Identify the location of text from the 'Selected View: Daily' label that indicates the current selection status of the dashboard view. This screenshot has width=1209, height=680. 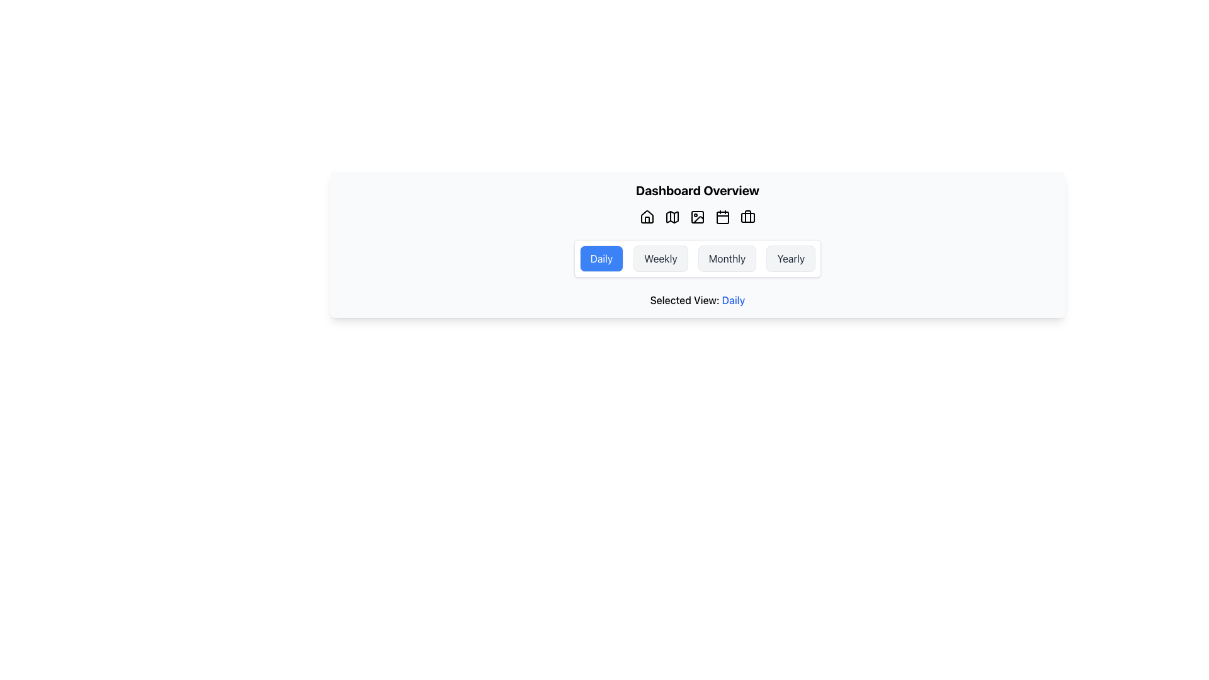
(697, 300).